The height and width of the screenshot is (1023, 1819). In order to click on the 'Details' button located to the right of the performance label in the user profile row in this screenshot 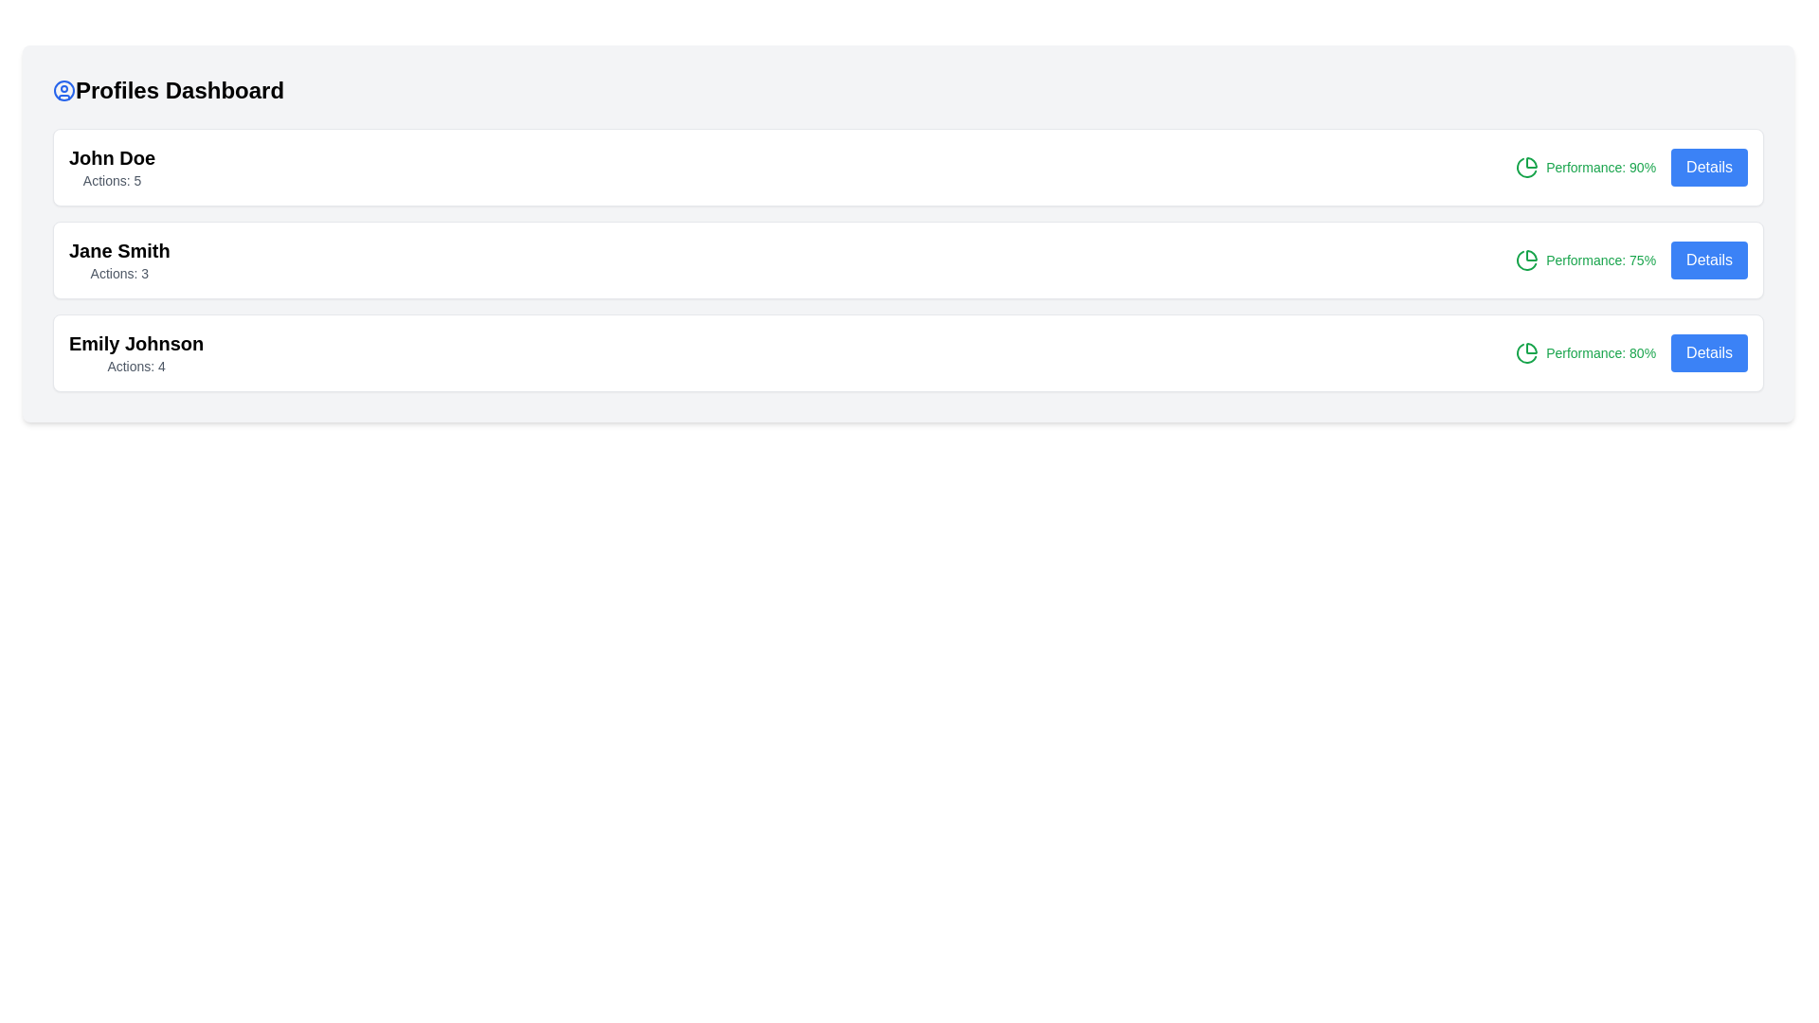, I will do `click(1709, 167)`.